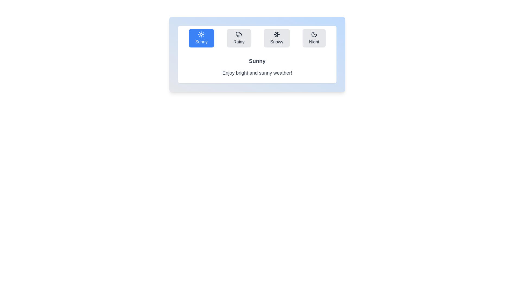  What do you see at coordinates (314, 38) in the screenshot?
I see `the Night tab by clicking on its button` at bounding box center [314, 38].